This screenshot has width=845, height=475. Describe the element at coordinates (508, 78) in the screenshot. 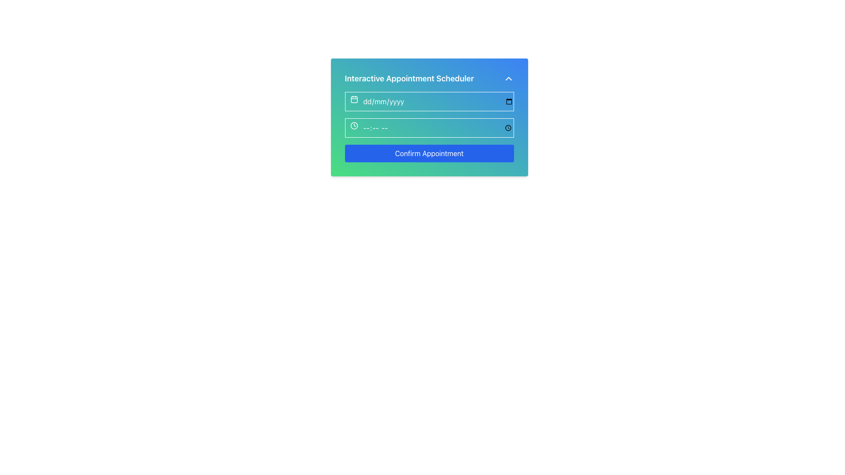

I see `the upward scrolling button located at the top-right corner of the header for the 'Interactive Appointment Scheduler' card` at that location.